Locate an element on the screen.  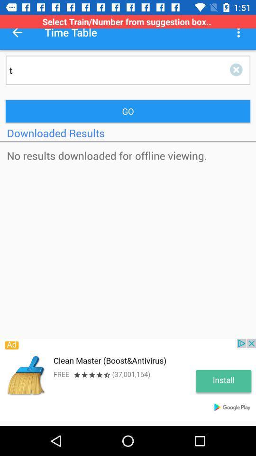
advertisement page is located at coordinates (128, 380).